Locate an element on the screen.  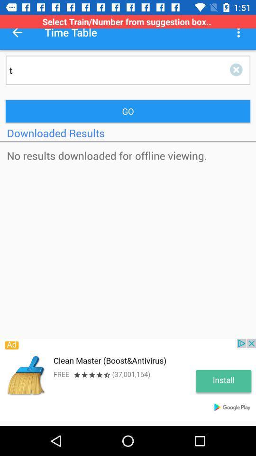
advertisement page is located at coordinates (128, 380).